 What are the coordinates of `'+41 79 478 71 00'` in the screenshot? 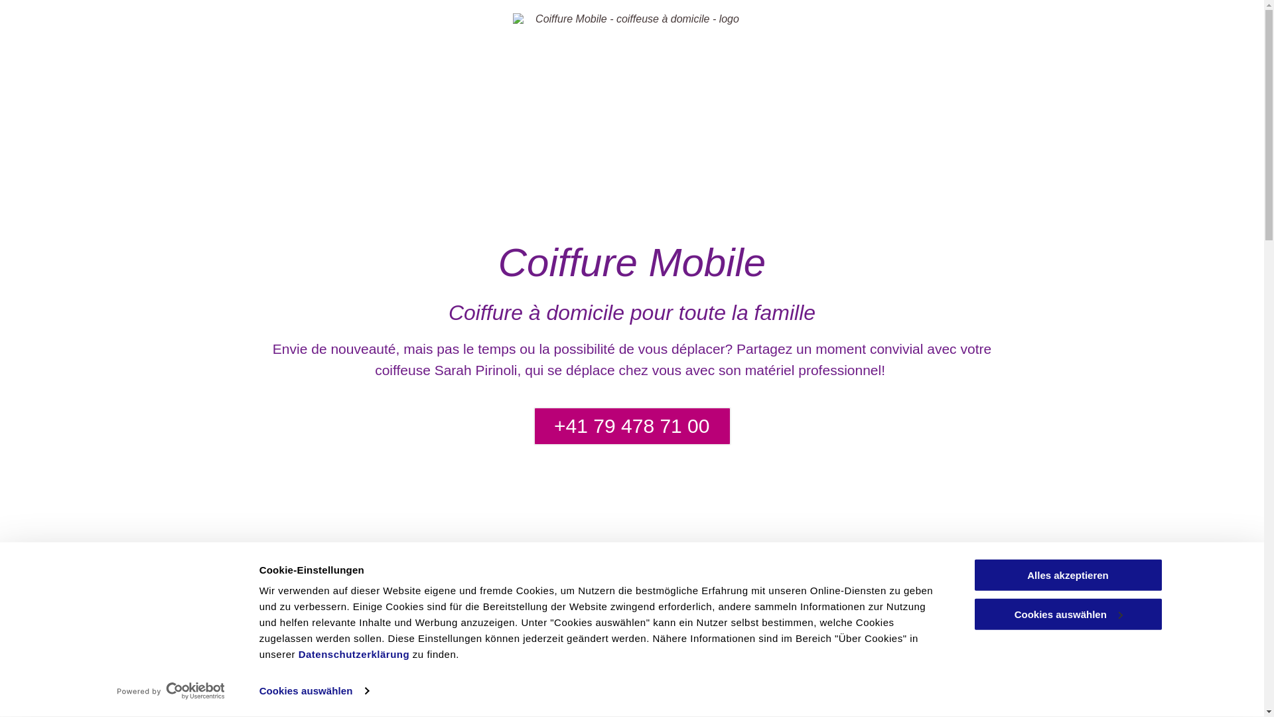 It's located at (632, 426).